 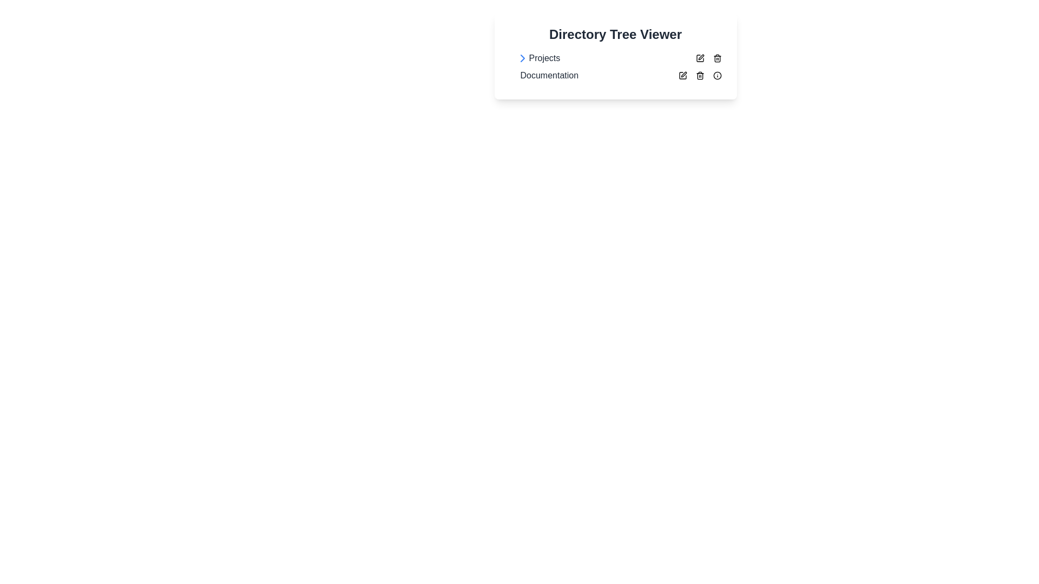 What do you see at coordinates (717, 59) in the screenshot?
I see `the lower section of the trash icon in the top-right corner of the 'Directory Tree Viewer' card, which symbolizes a delete function` at bounding box center [717, 59].